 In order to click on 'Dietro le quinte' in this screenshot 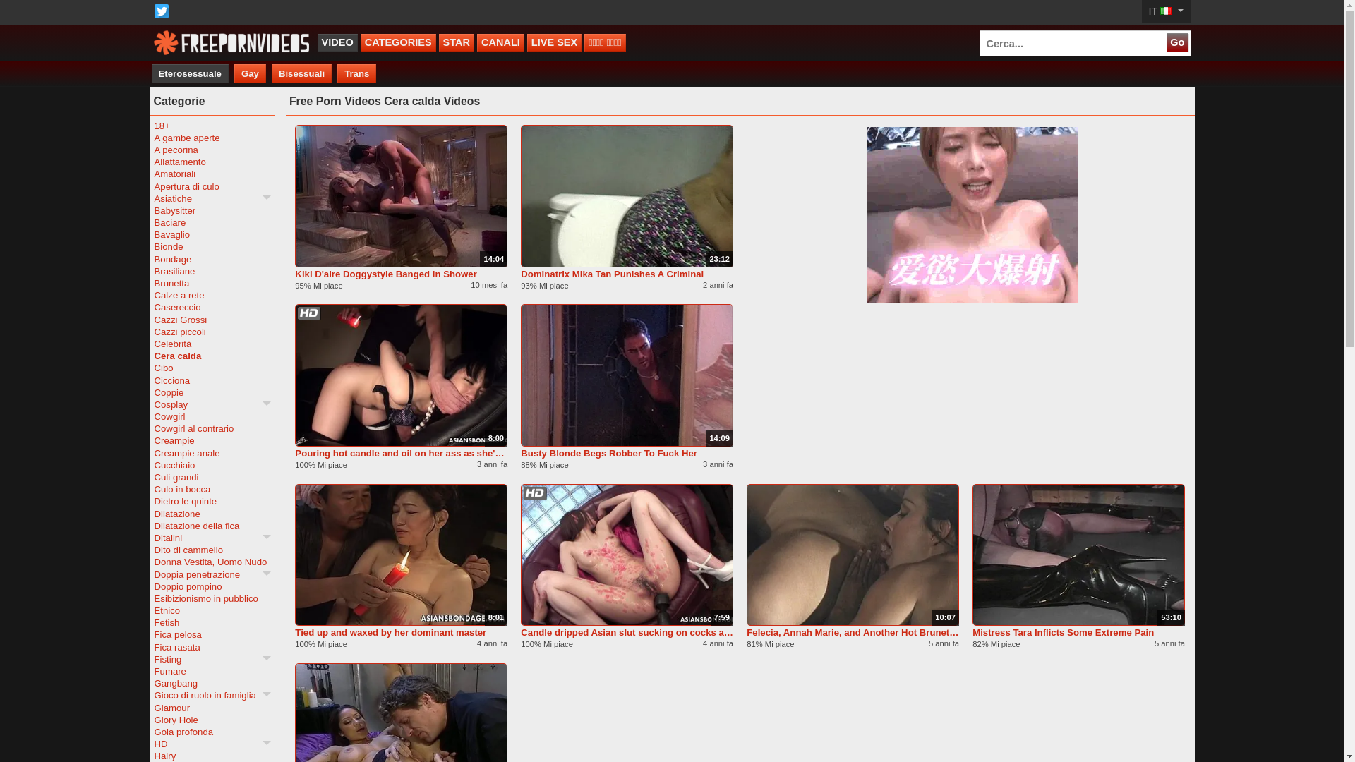, I will do `click(212, 500)`.